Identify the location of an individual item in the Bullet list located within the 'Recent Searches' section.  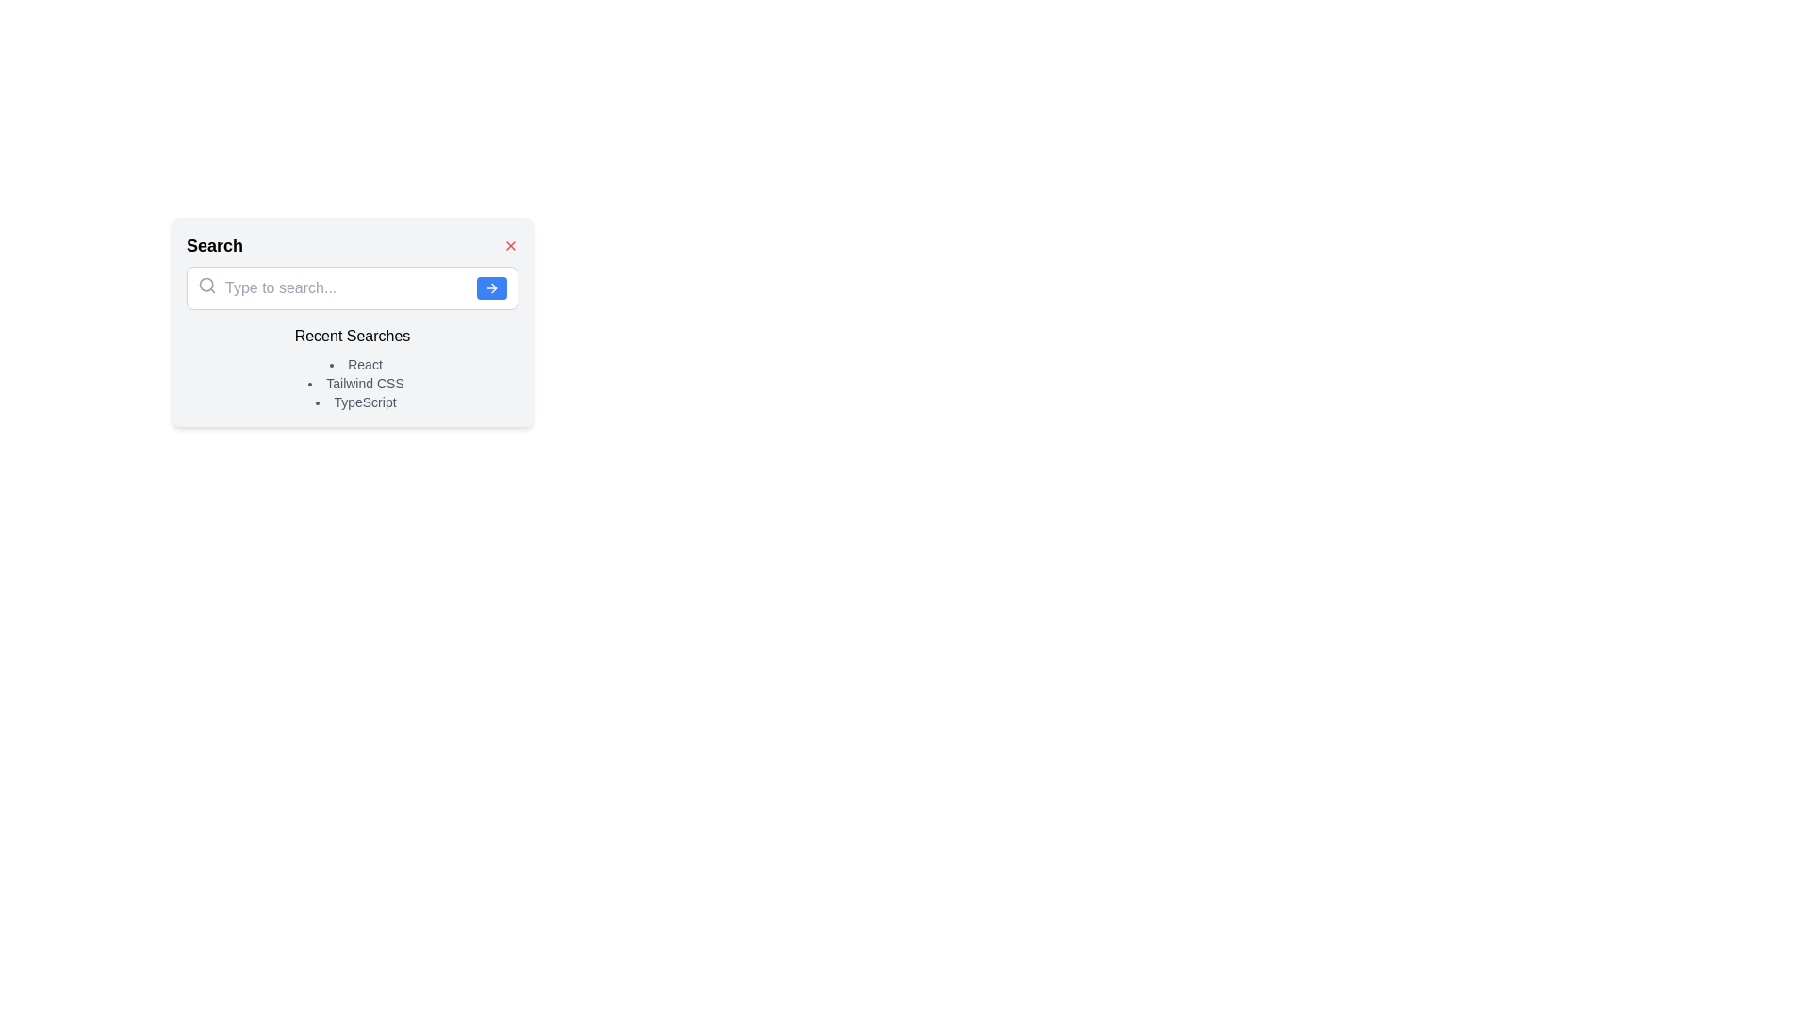
(353, 383).